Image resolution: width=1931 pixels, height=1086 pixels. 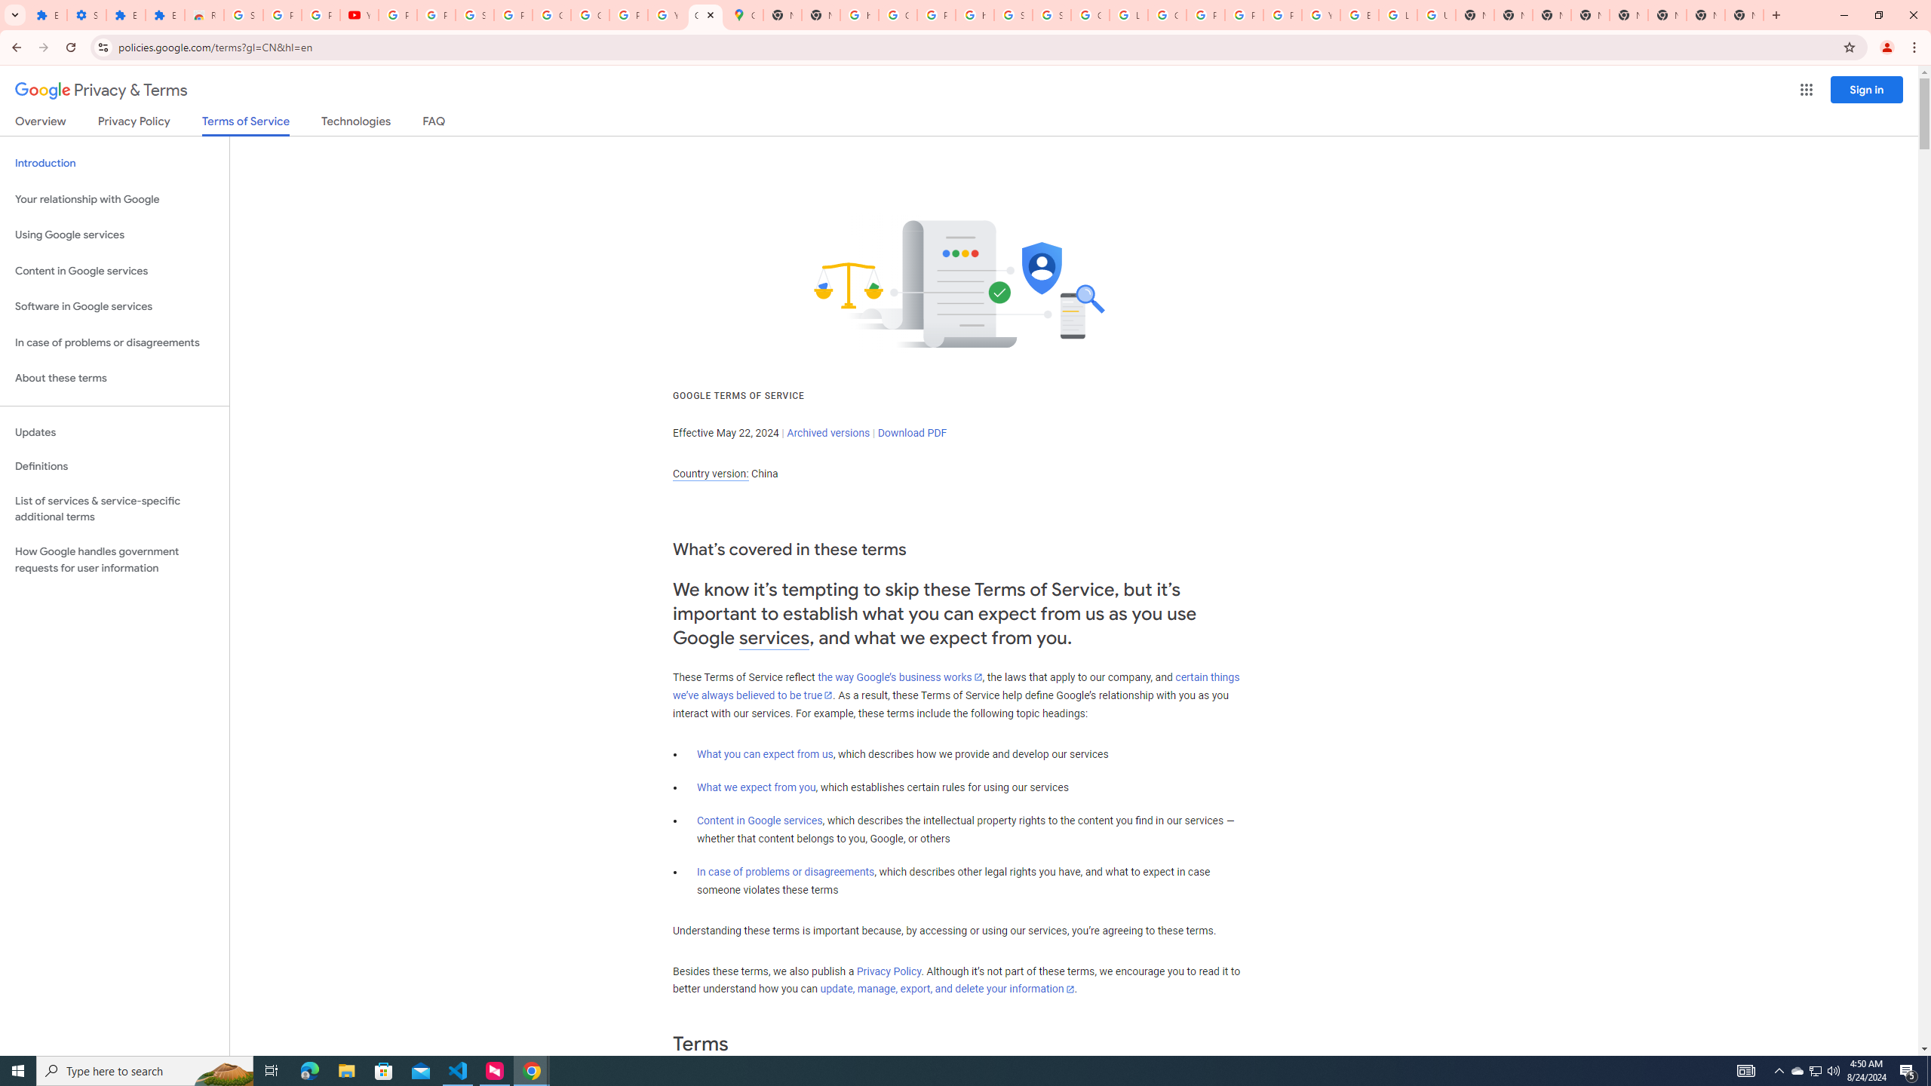 I want to click on 'About these terms', so click(x=114, y=378).